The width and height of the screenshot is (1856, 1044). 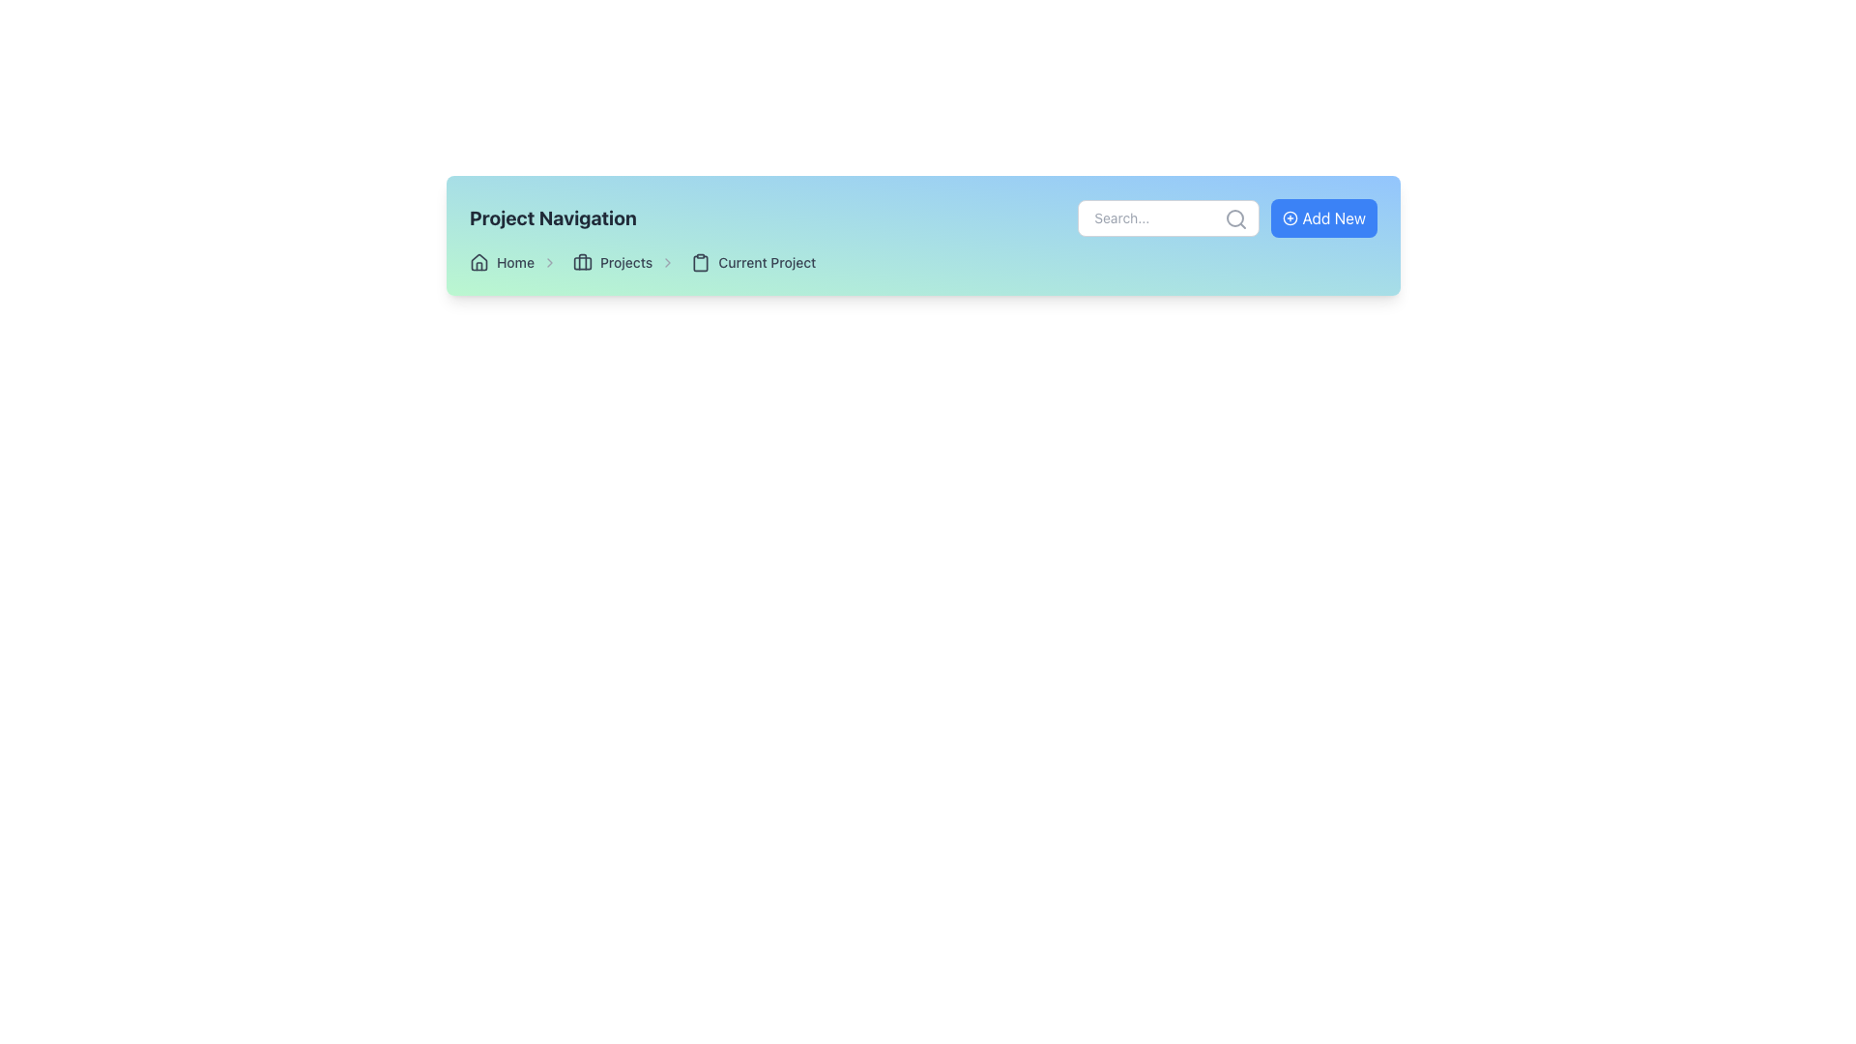 I want to click on the small house icon on the navigation bar labeled 'Project Navigation', so click(x=478, y=263).